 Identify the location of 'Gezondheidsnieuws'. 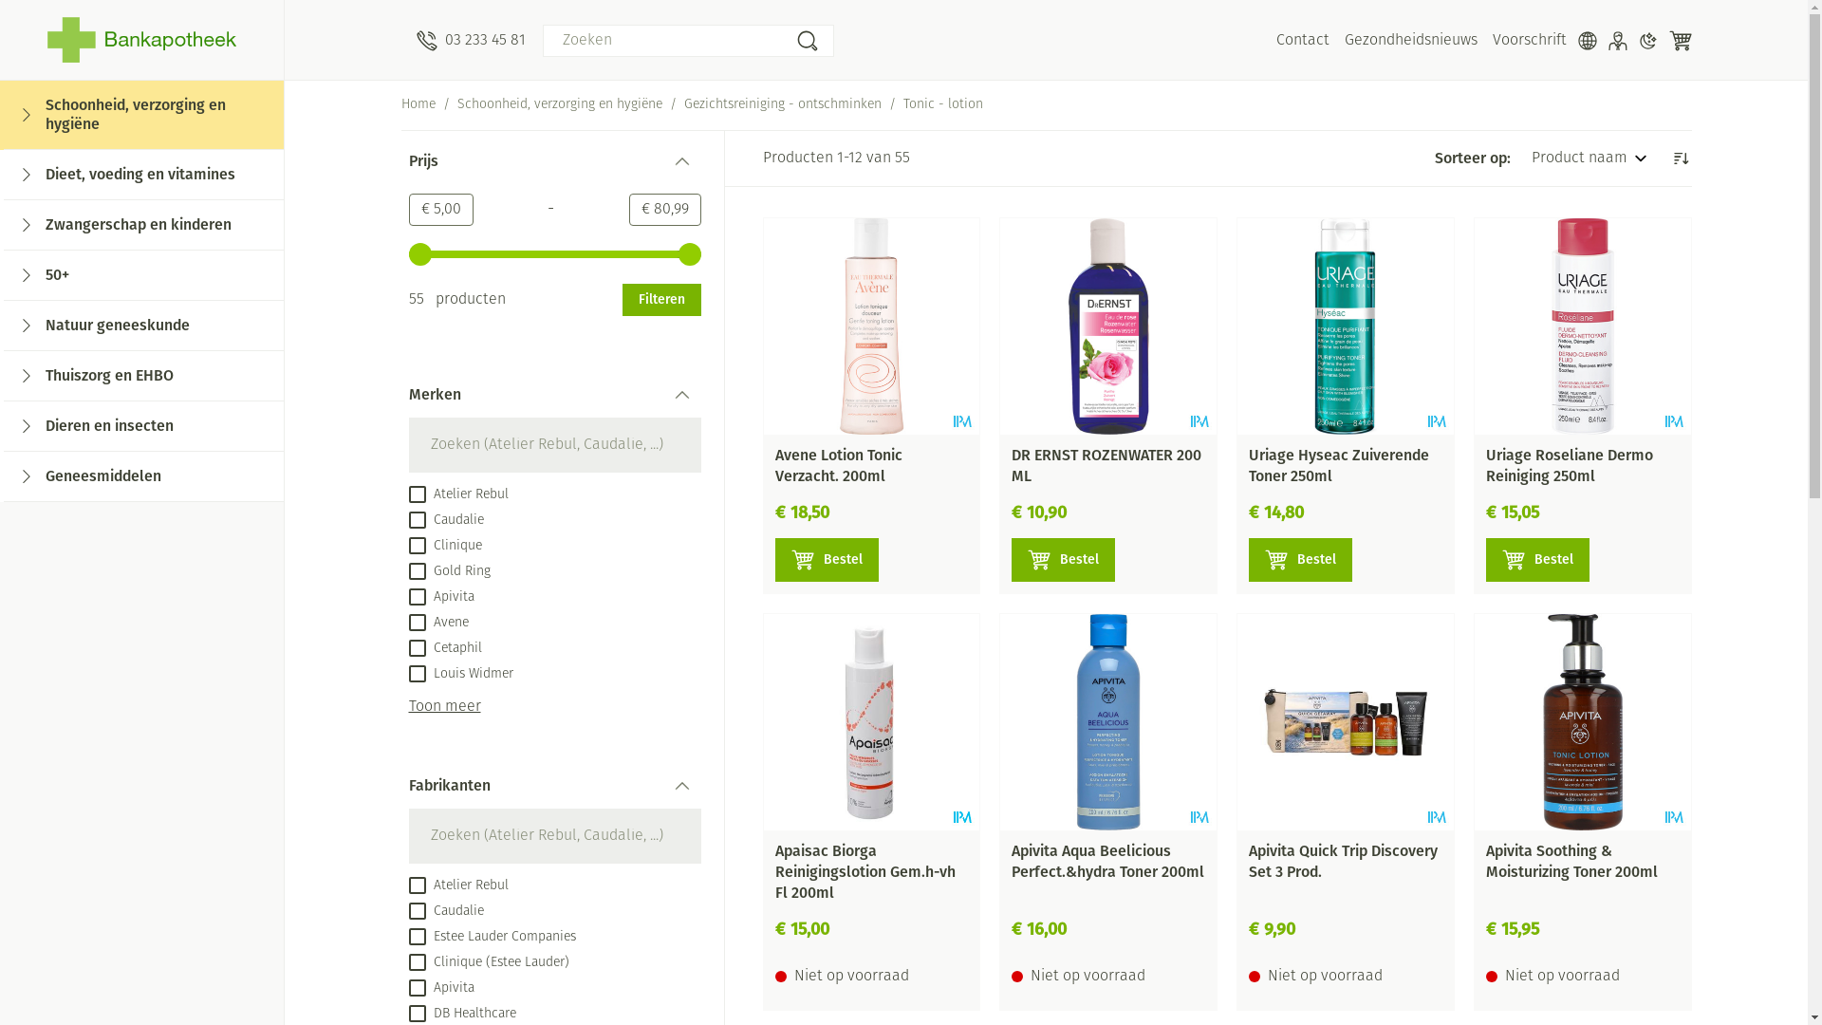
(1410, 40).